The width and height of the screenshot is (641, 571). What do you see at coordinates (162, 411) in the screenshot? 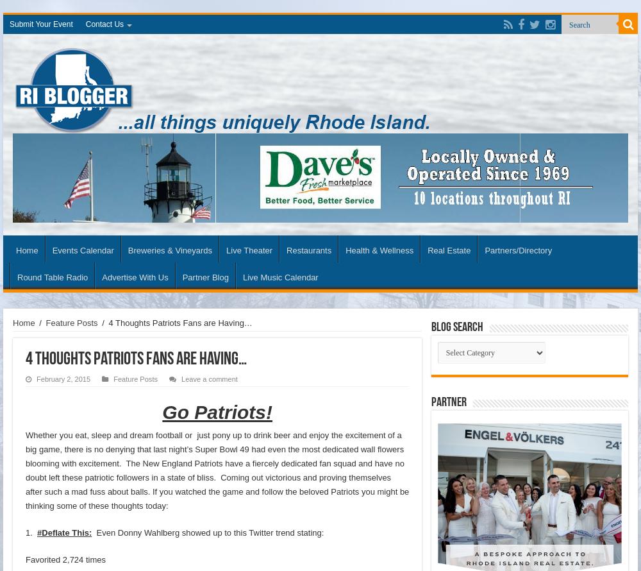
I see `'Go Patriots!'` at bounding box center [162, 411].